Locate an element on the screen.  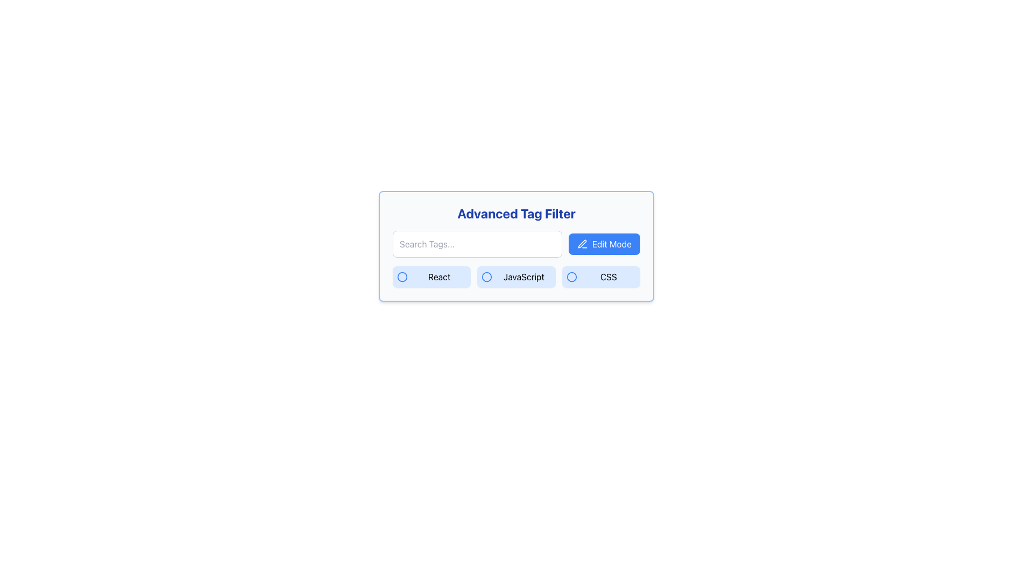
the 'JavaScript' icon in the tag filter interface, which is located between the 'React' and 'CSS' buttons is located at coordinates (486, 277).